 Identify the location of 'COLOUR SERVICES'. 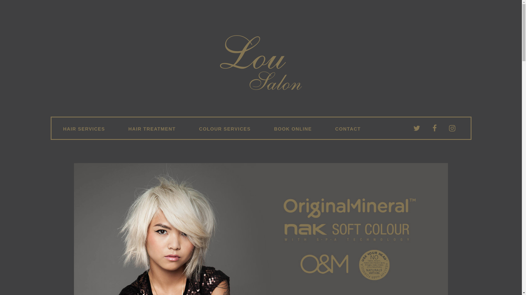
(225, 129).